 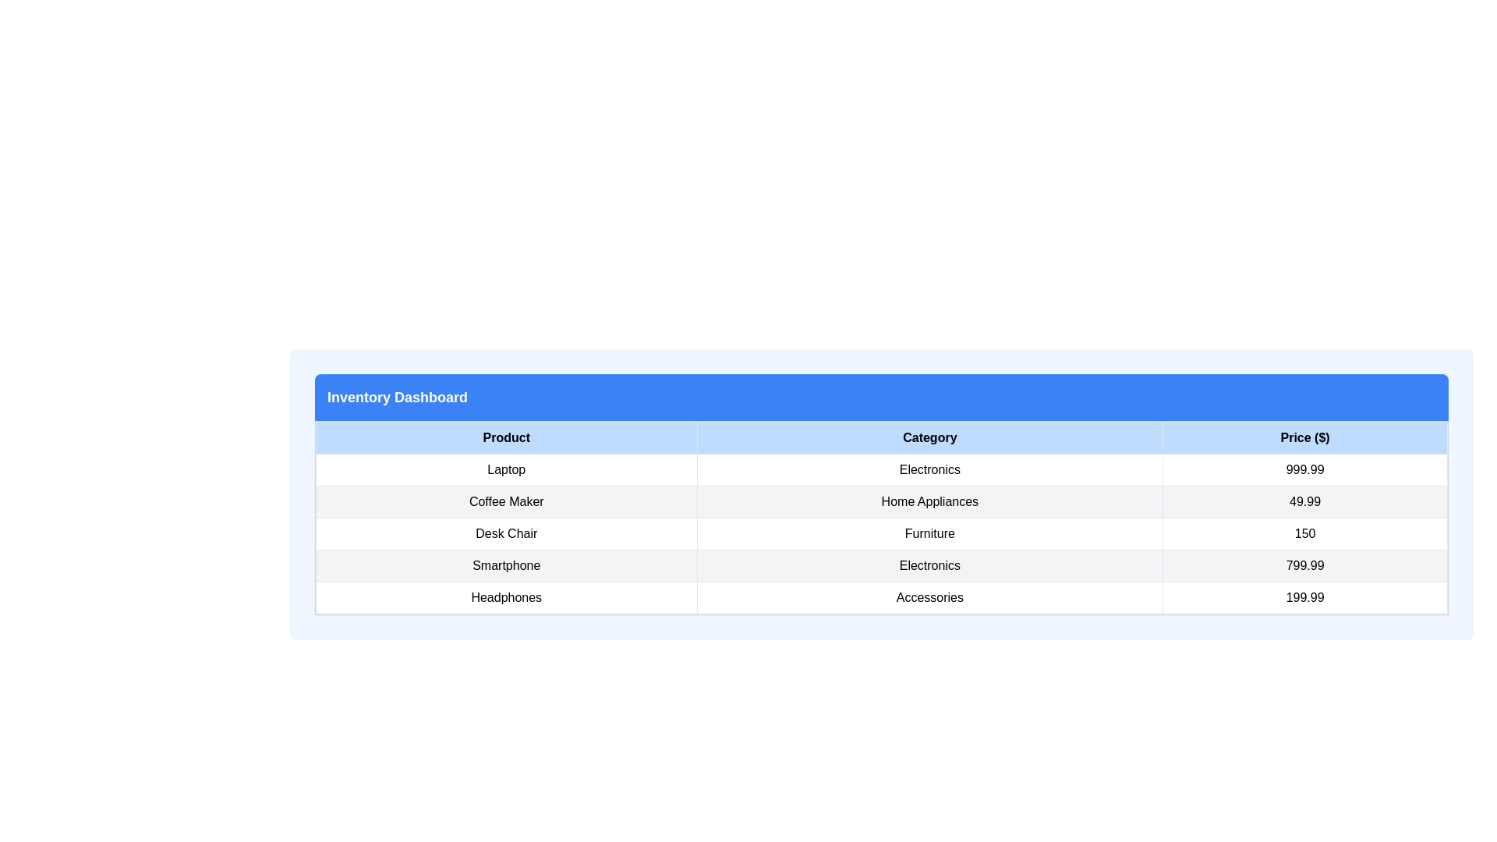 What do you see at coordinates (929, 597) in the screenshot?
I see `the 'Accessories' text label located in the second cell of the 'Headphones' row under the 'Category' column of the table` at bounding box center [929, 597].